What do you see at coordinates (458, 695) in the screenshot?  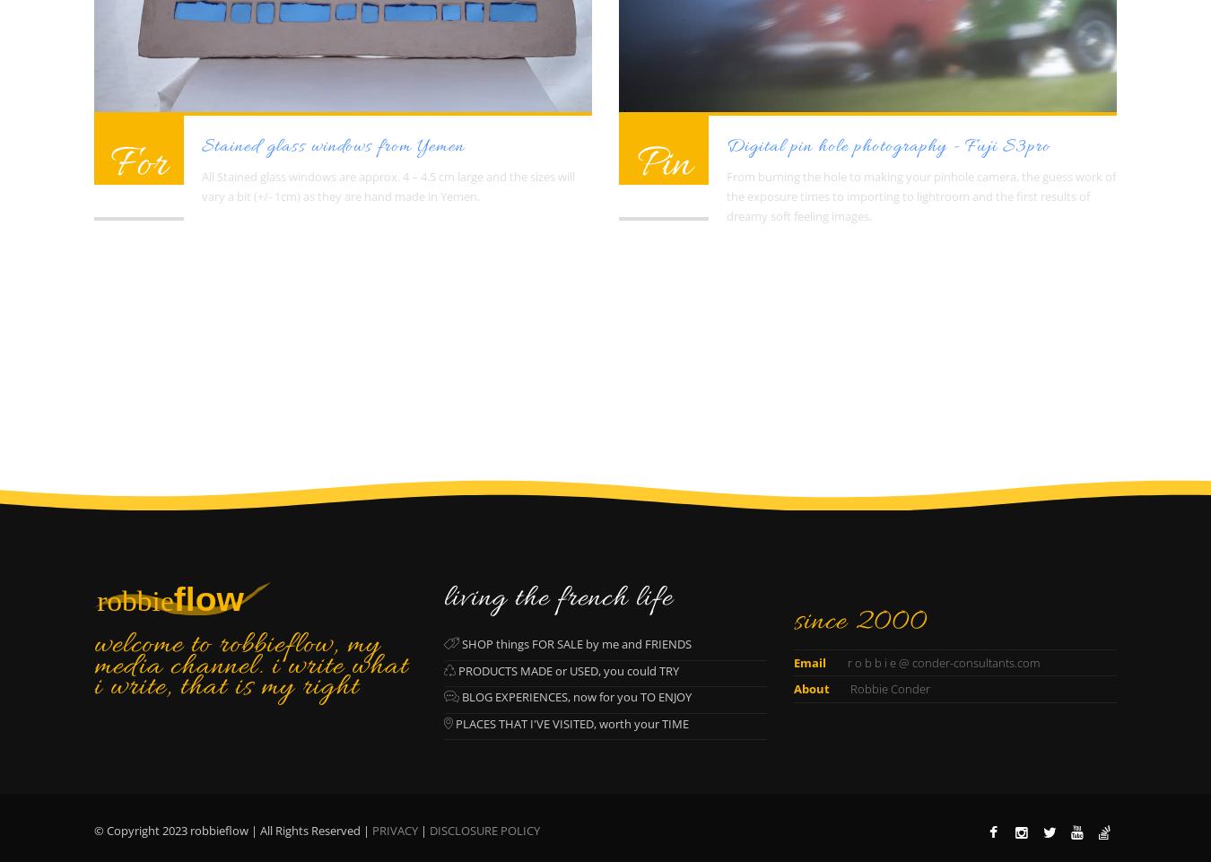 I see `'BLOG EXPERIENCES, now for you TO ENJOY'` at bounding box center [458, 695].